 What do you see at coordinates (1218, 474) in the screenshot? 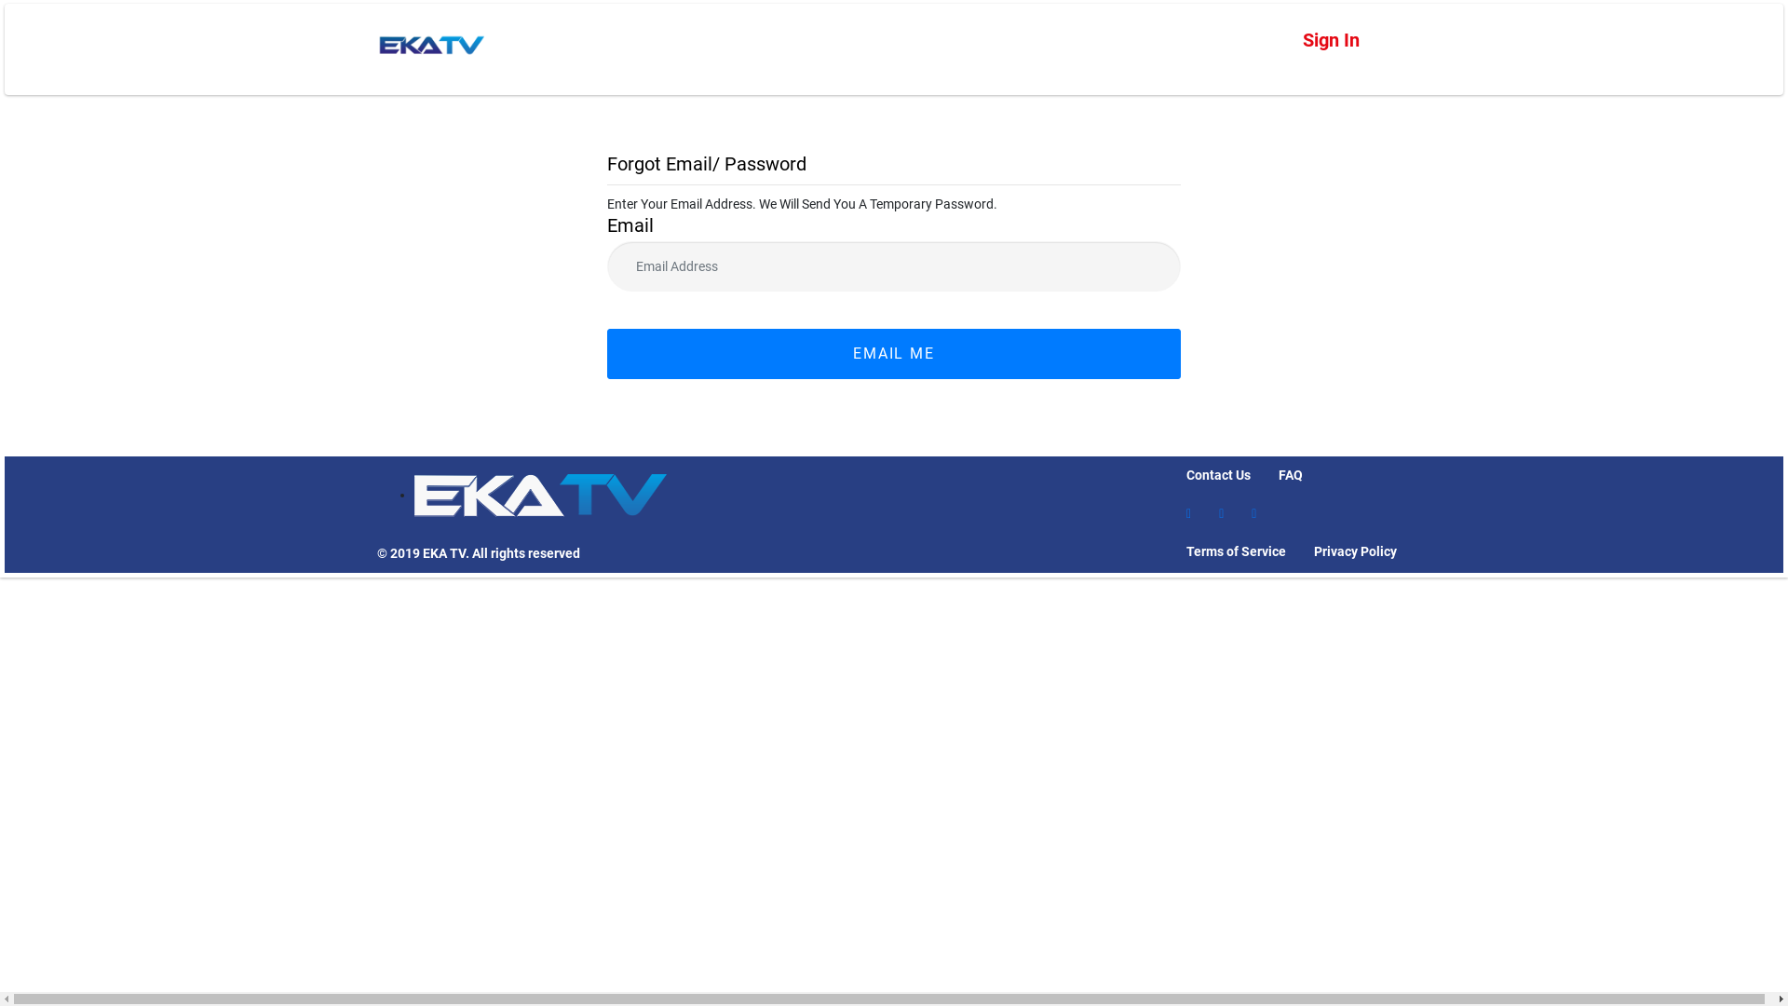
I see `'Contact Us'` at bounding box center [1218, 474].